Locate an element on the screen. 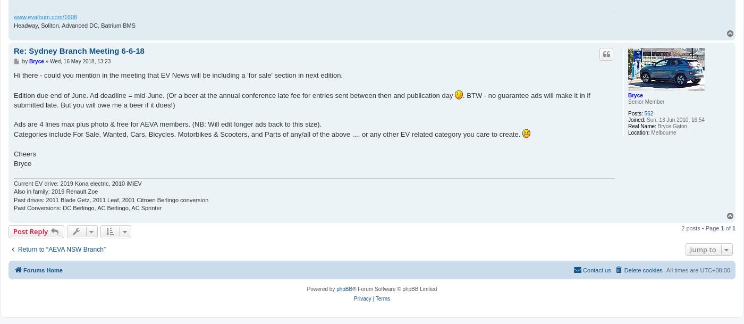  'All times are' is located at coordinates (683, 269).